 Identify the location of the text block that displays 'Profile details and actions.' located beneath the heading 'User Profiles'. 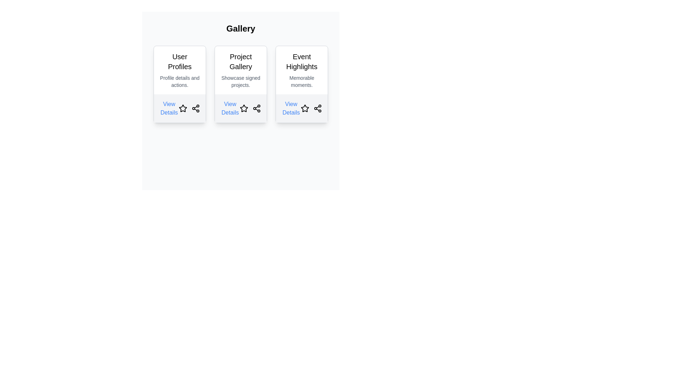
(180, 81).